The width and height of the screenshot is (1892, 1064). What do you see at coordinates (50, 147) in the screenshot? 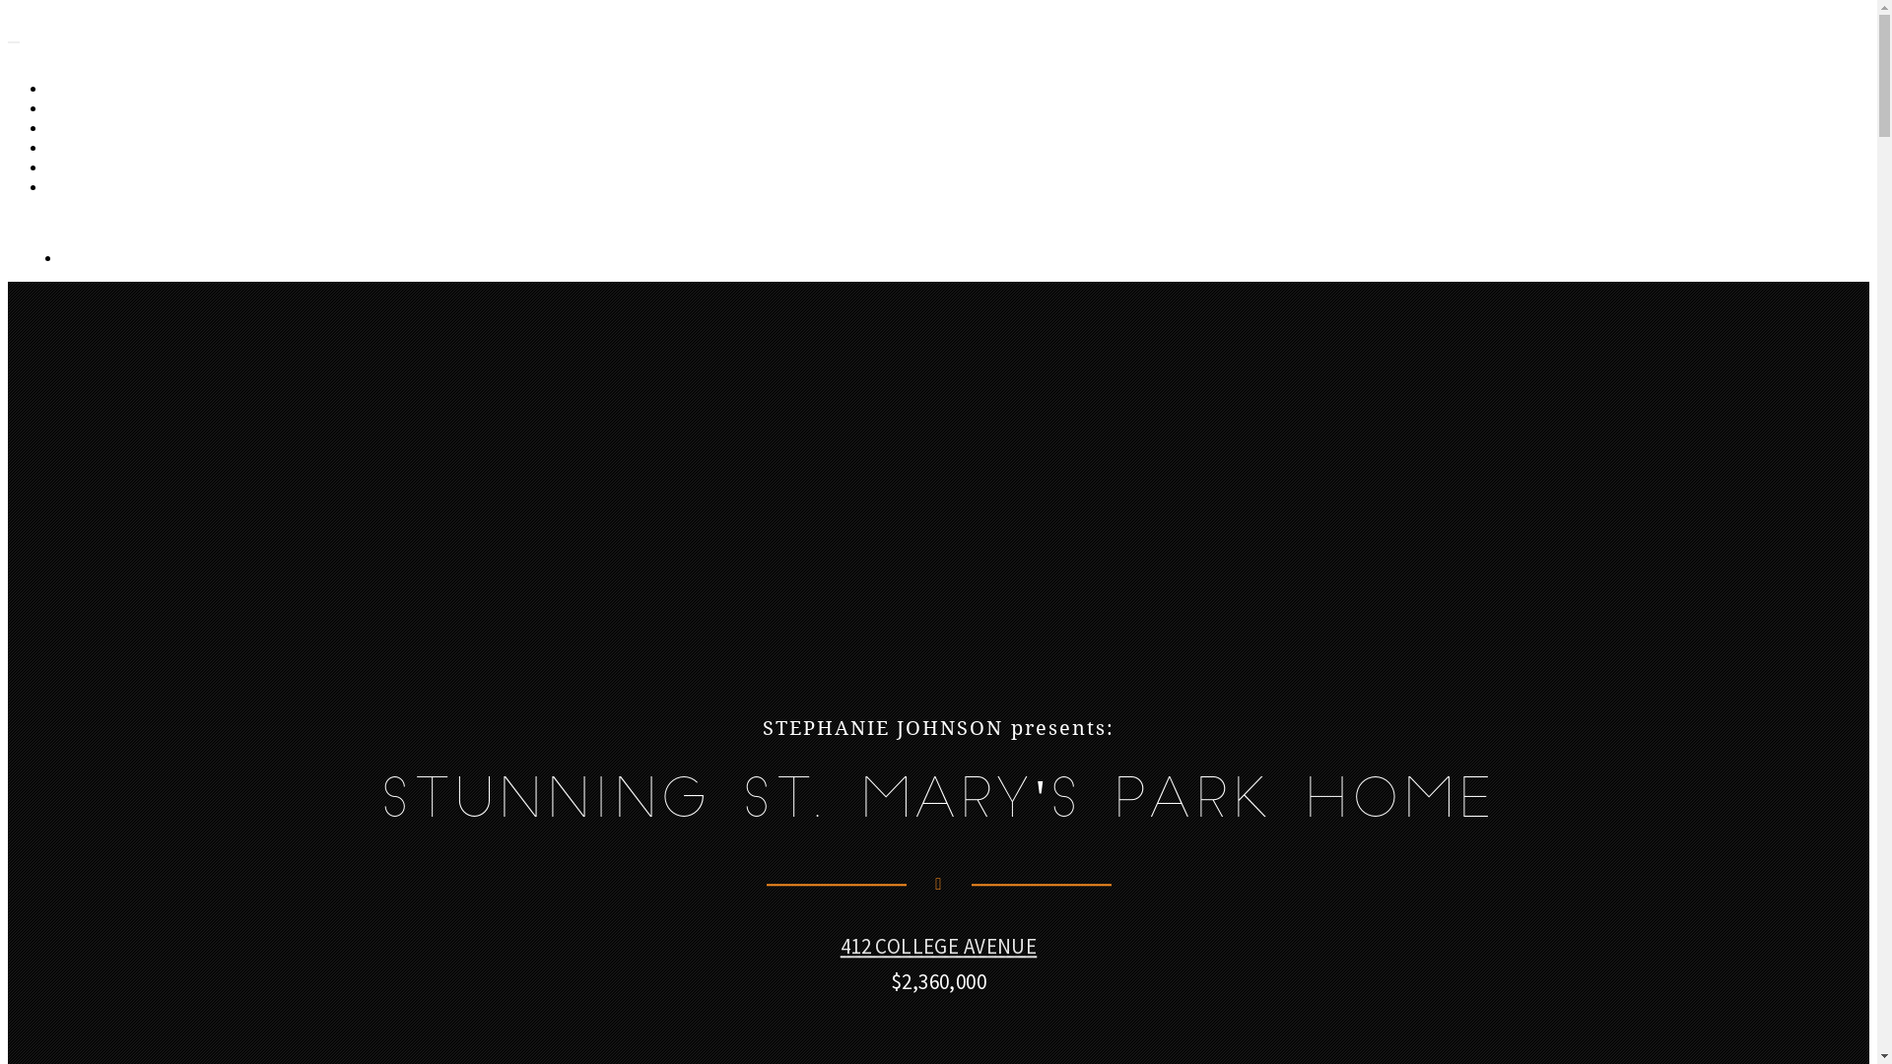
I see `'FEATURES'` at bounding box center [50, 147].